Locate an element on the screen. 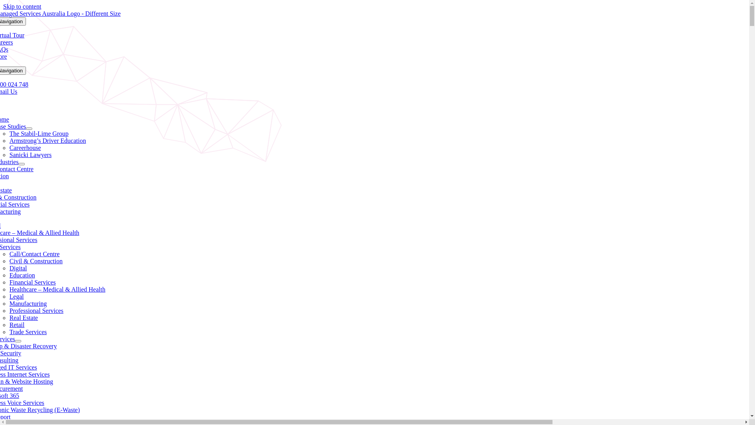  'Real Estate' is located at coordinates (9, 317).